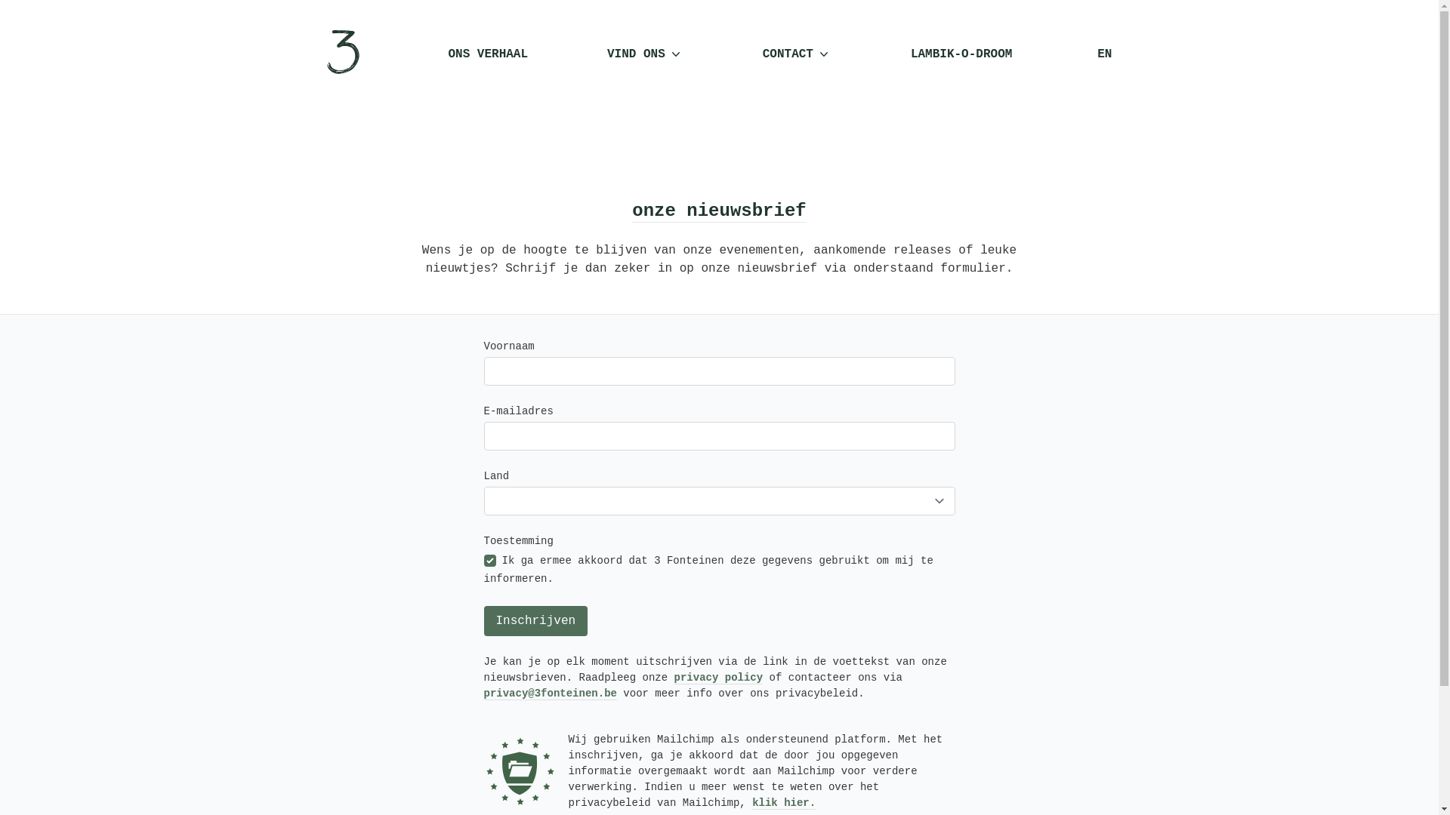 This screenshot has width=1450, height=815. What do you see at coordinates (549, 693) in the screenshot?
I see `'privacy@3fonteinen.be'` at bounding box center [549, 693].